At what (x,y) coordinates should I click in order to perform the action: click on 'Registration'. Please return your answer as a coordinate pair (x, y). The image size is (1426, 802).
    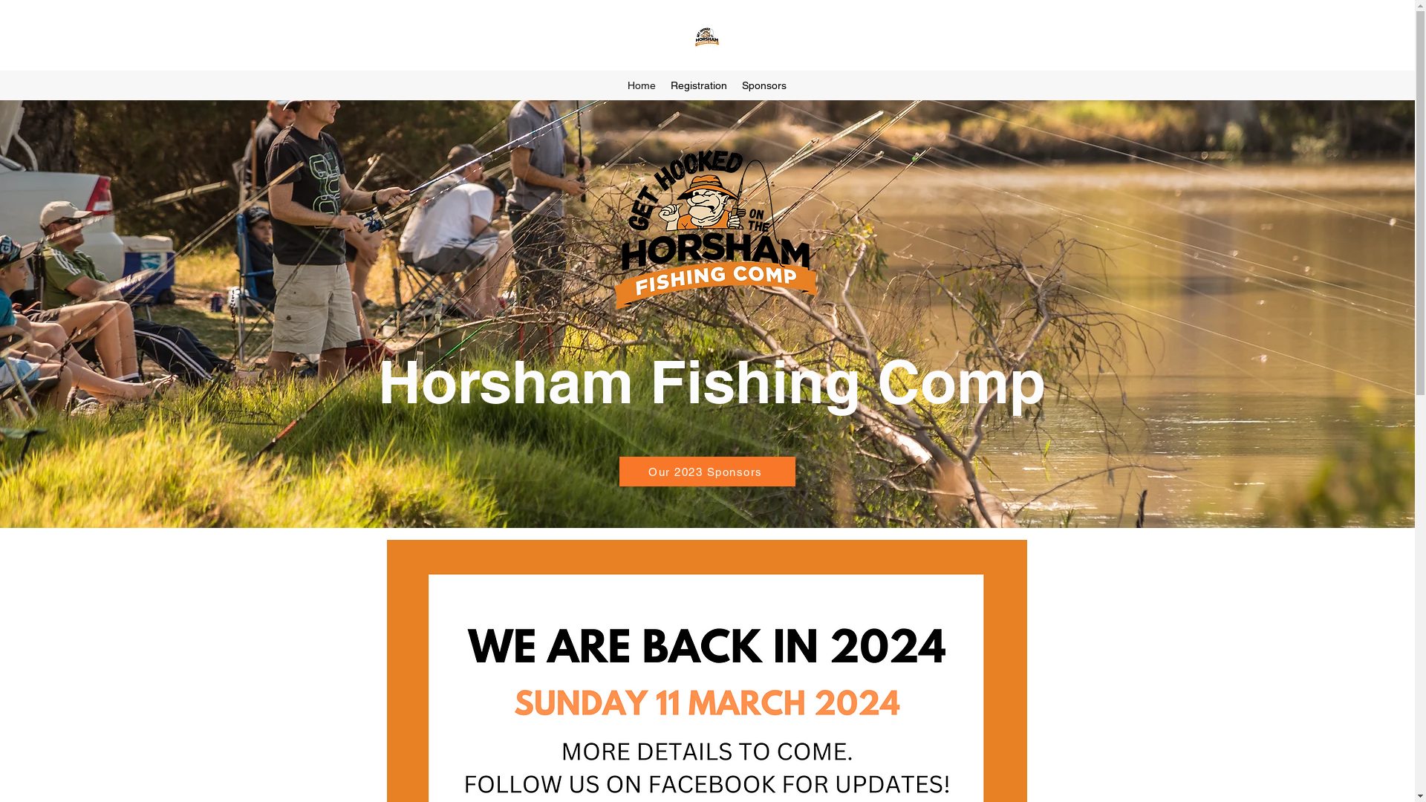
    Looking at the image, I should click on (662, 85).